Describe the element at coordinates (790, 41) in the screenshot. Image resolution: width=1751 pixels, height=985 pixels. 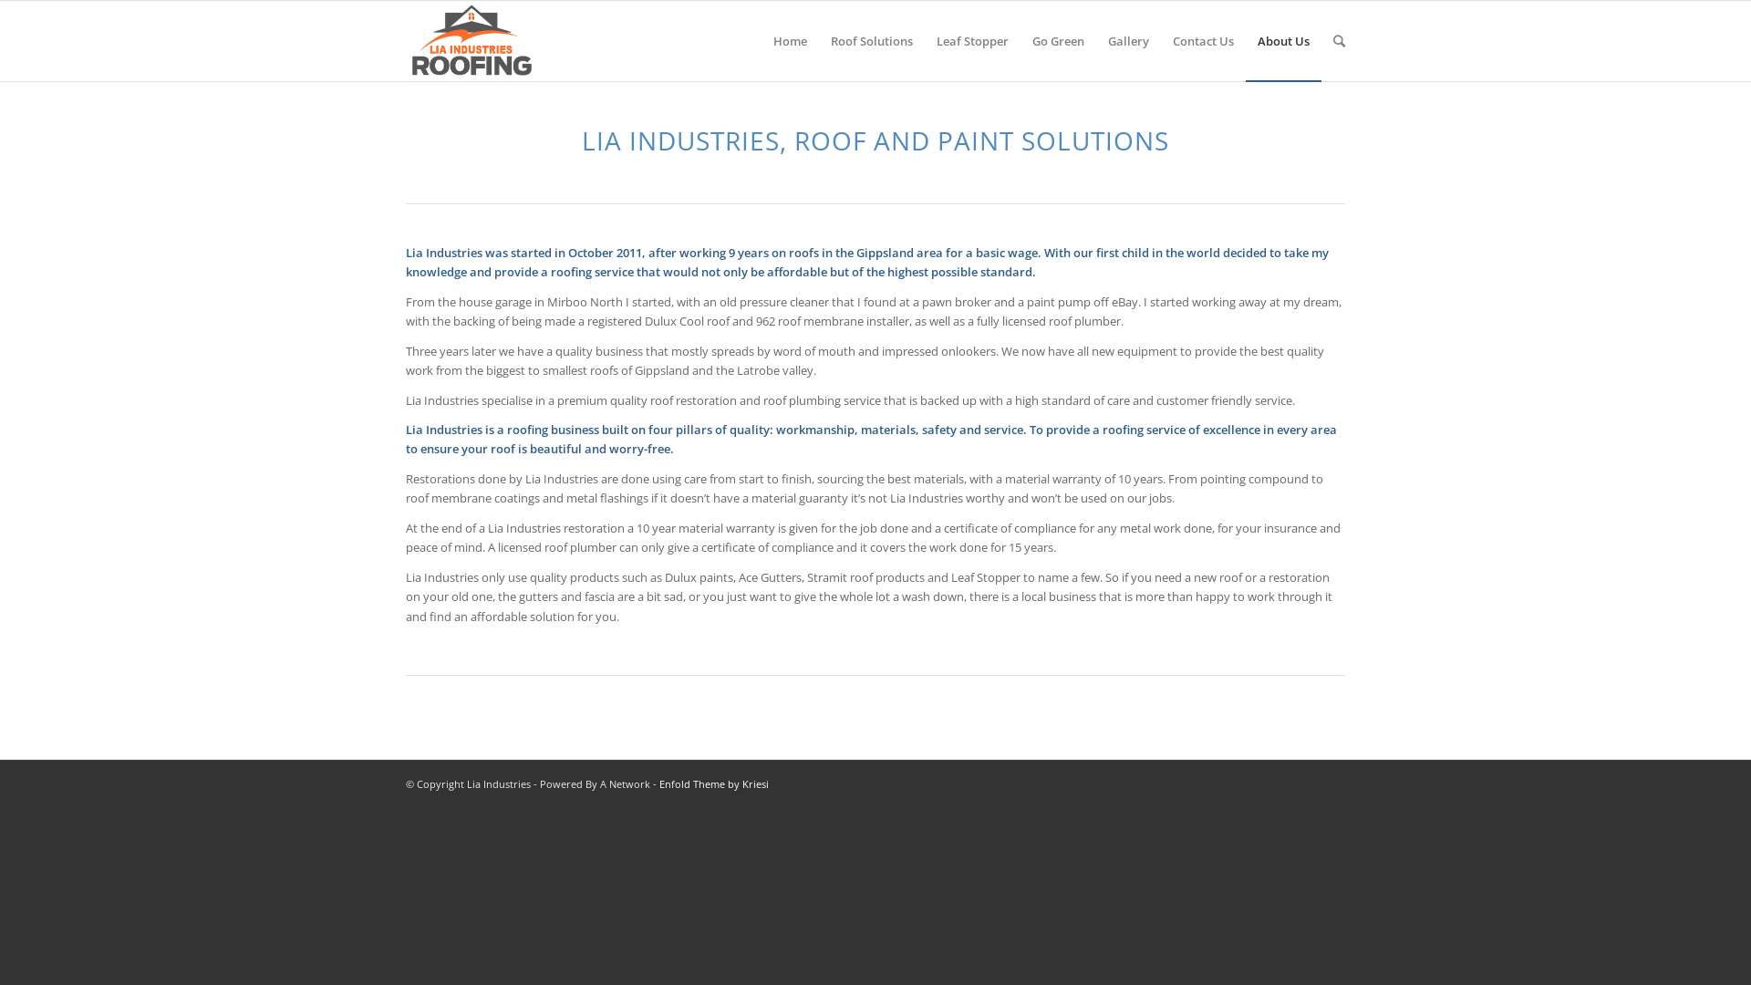
I see `'Home'` at that location.